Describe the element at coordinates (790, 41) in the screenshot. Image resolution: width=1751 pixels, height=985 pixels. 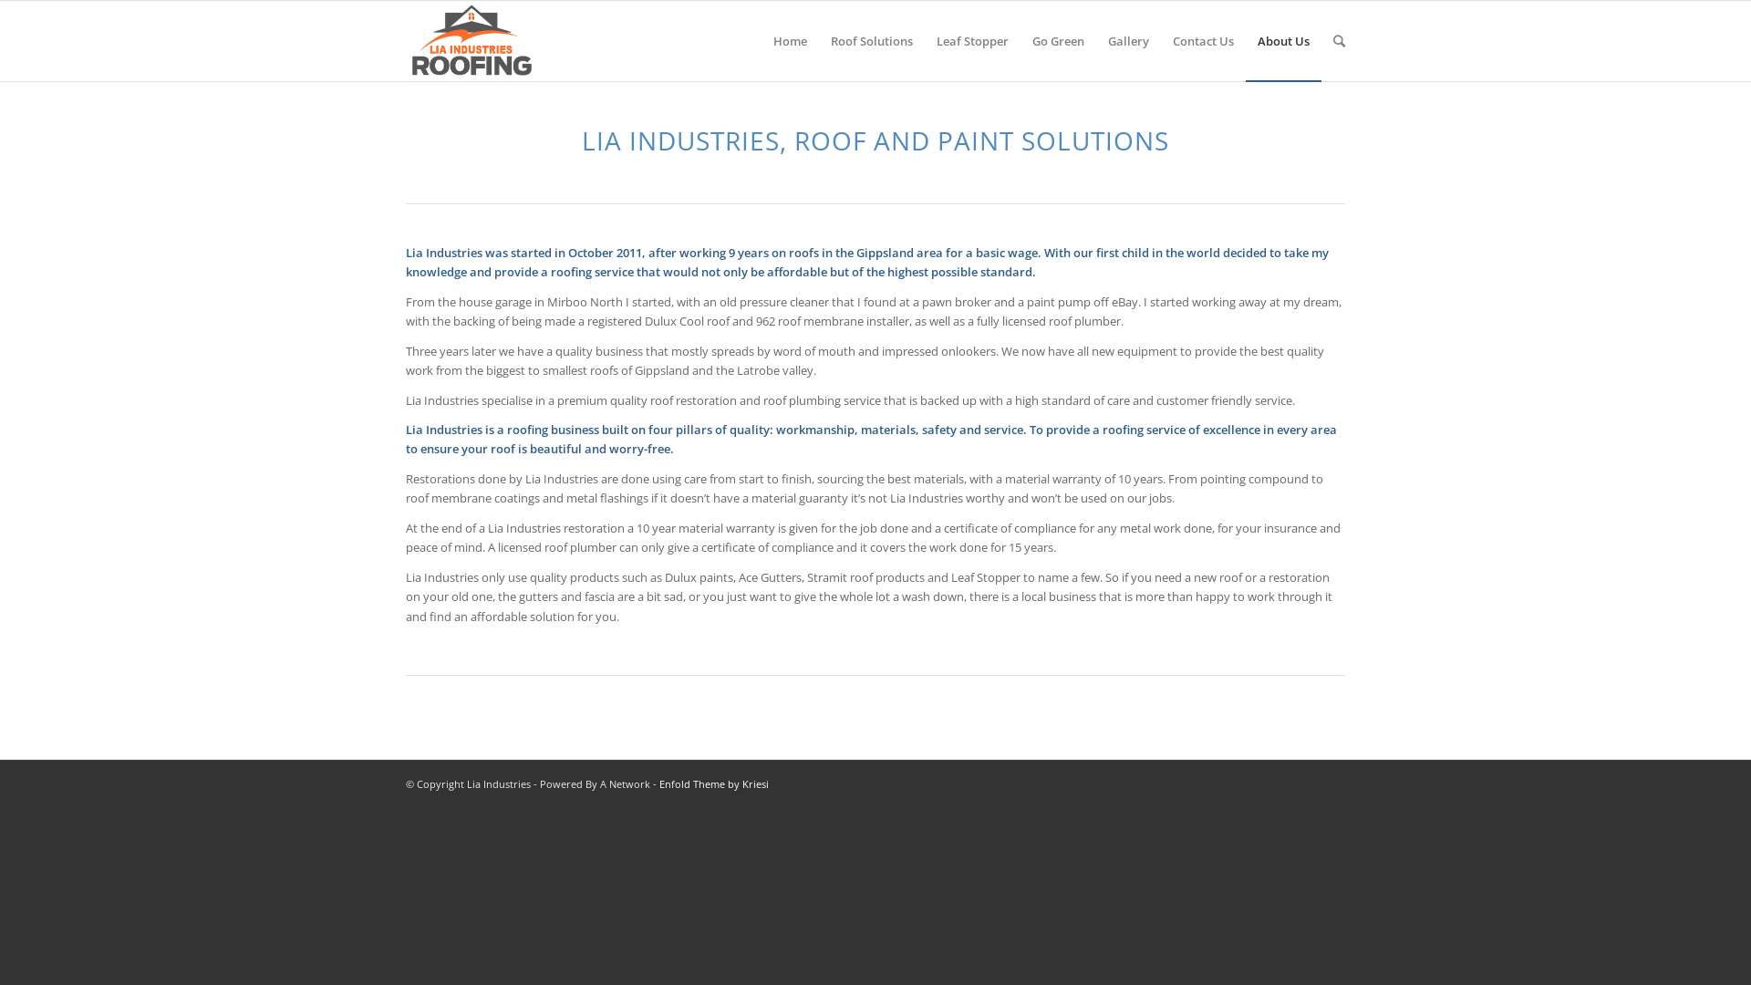
I see `'Home'` at that location.